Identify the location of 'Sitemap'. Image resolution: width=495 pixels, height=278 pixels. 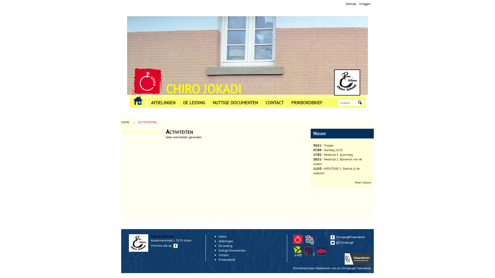
(351, 4).